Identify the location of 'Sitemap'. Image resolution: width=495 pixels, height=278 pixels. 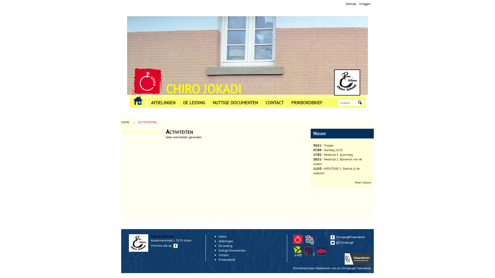
(351, 4).